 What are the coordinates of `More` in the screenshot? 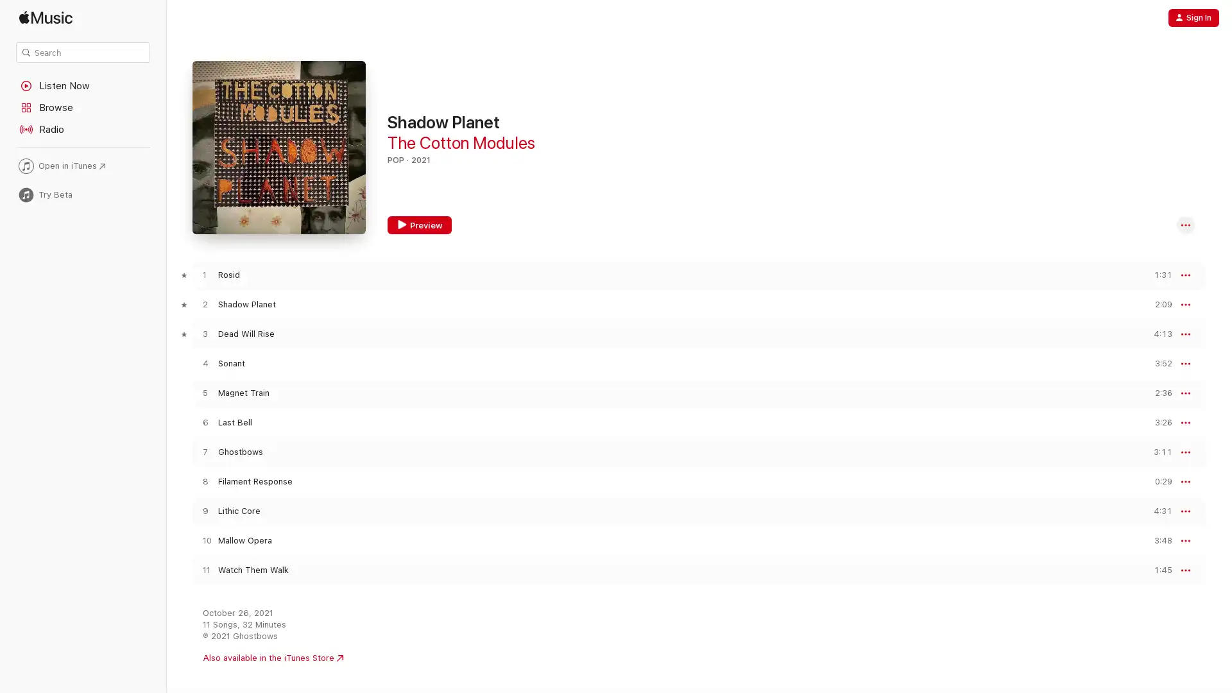 It's located at (1185, 482).